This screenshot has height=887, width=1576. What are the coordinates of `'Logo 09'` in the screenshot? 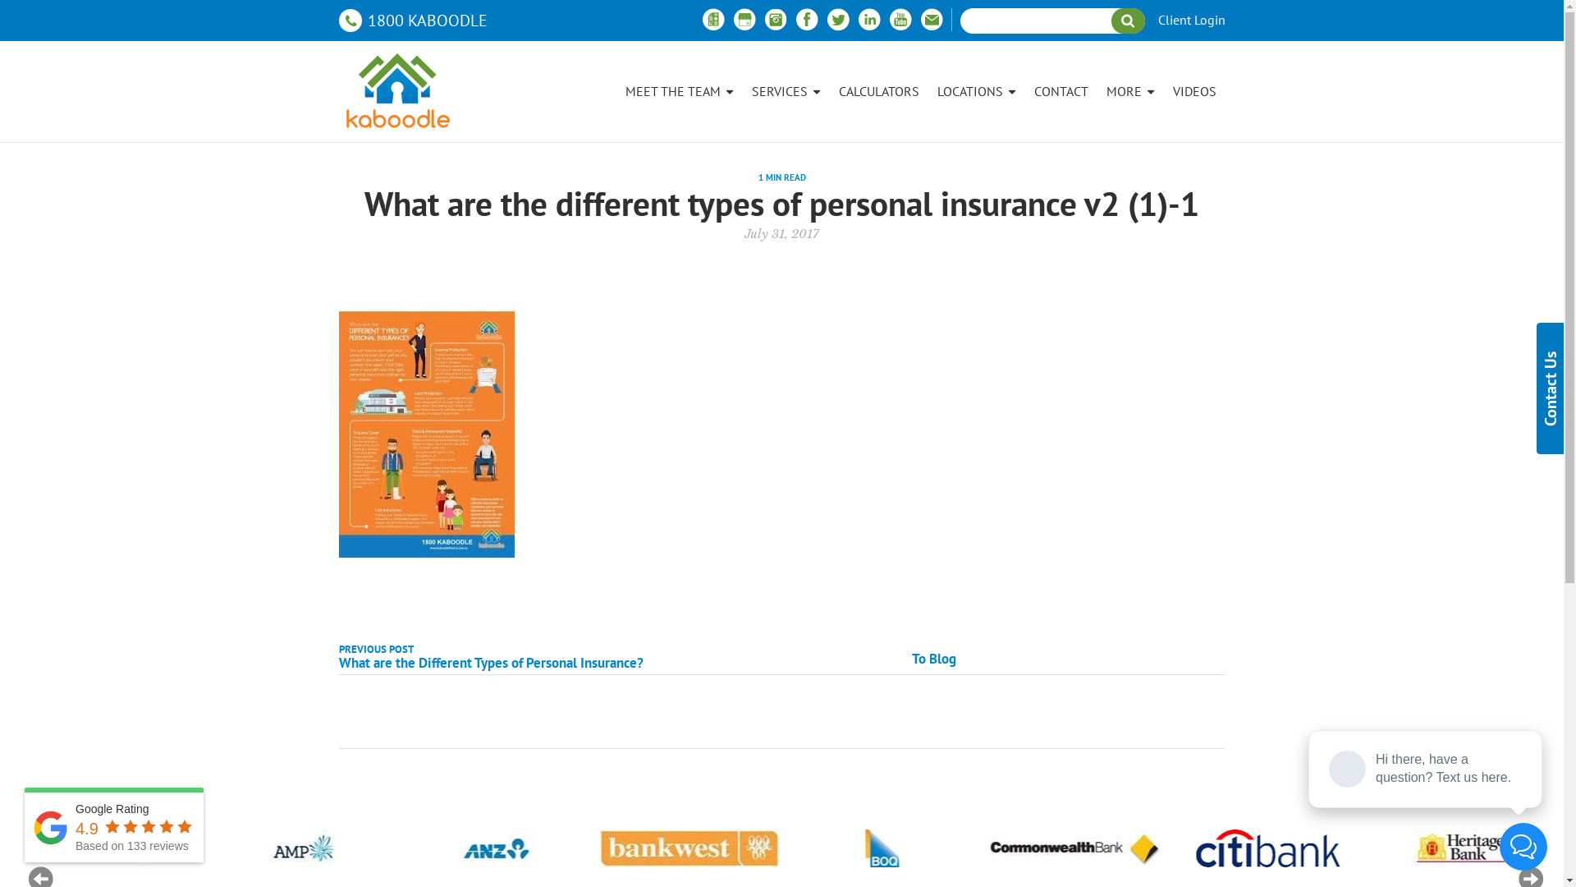 It's located at (1422, 848).